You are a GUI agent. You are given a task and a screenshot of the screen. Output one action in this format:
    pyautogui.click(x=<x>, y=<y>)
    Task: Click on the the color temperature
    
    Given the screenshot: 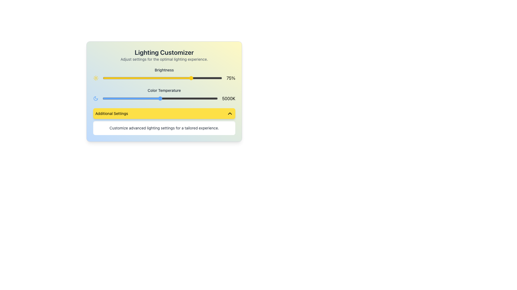 What is the action you would take?
    pyautogui.click(x=212, y=98)
    